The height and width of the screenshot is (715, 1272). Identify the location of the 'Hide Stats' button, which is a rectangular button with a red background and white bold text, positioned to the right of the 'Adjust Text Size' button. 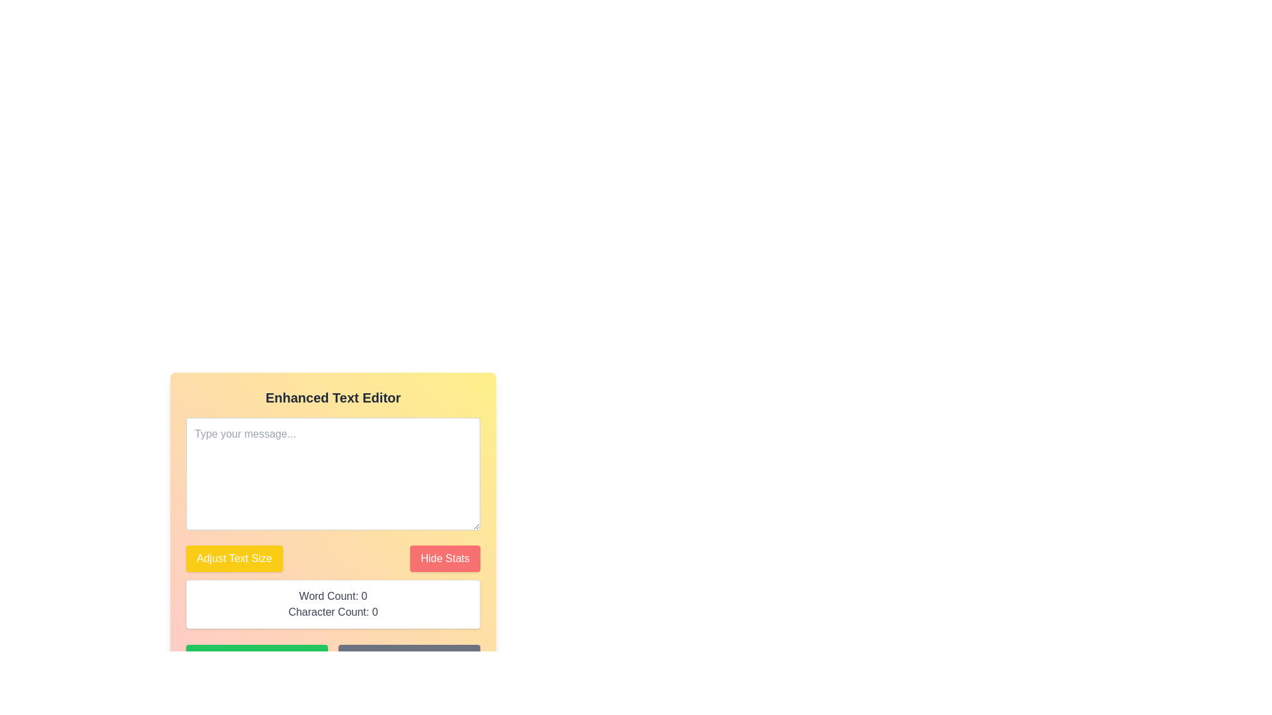
(445, 559).